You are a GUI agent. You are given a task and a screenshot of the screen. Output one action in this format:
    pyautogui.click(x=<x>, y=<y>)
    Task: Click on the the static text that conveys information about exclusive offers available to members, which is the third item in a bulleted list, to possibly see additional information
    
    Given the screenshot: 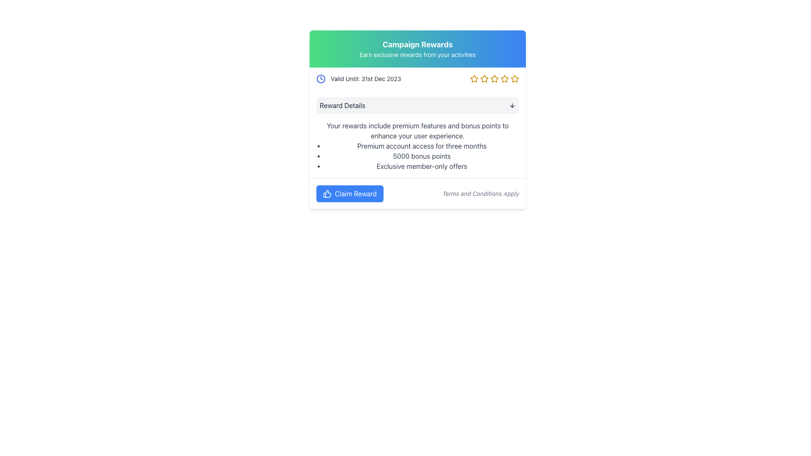 What is the action you would take?
    pyautogui.click(x=422, y=166)
    